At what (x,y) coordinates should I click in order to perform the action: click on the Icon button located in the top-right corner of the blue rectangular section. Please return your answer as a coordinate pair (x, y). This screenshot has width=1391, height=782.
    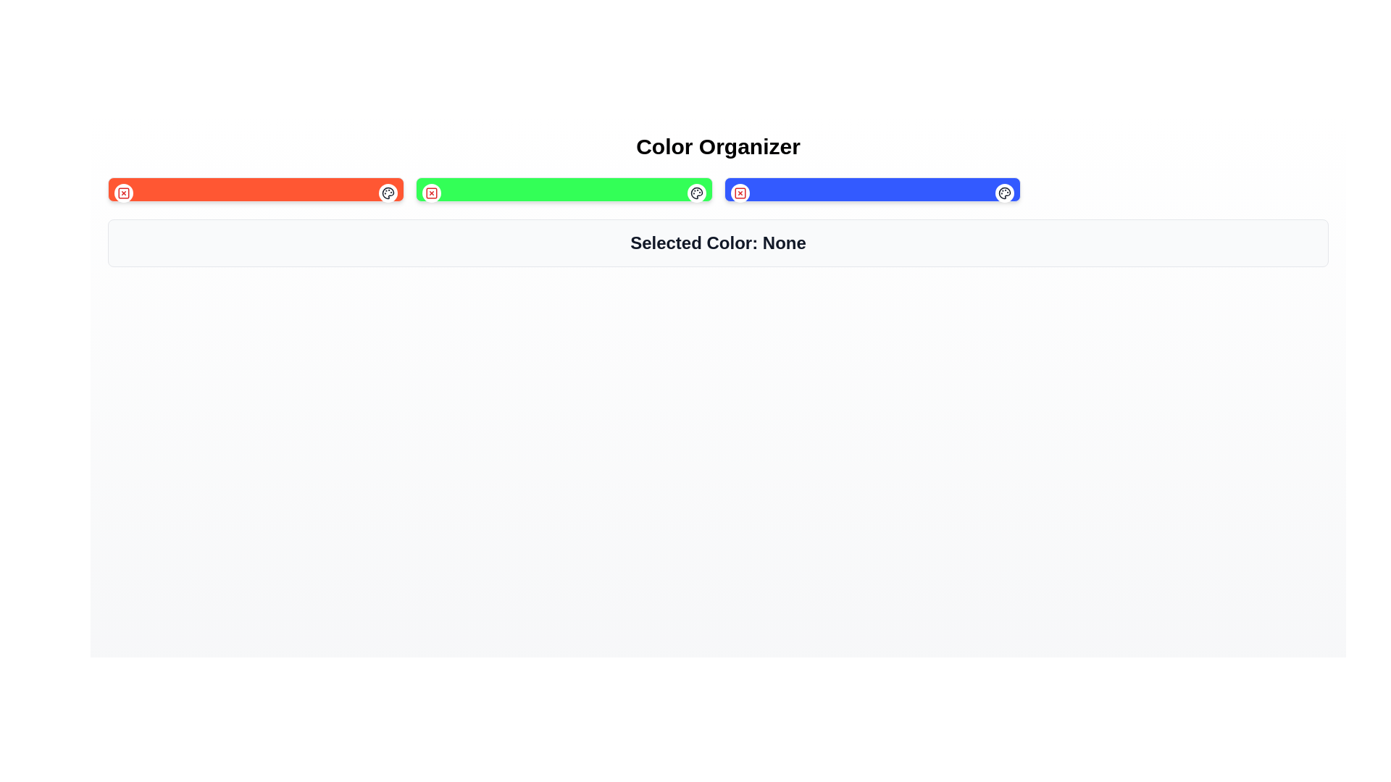
    Looking at the image, I should click on (1003, 192).